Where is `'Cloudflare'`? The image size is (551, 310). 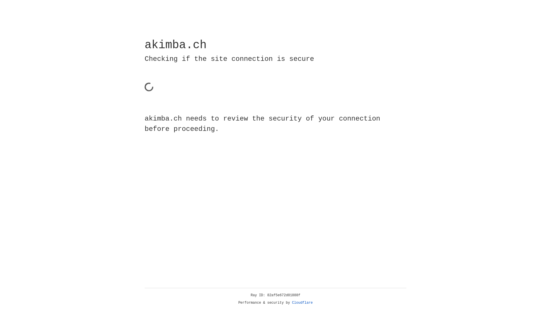 'Cloudflare' is located at coordinates (302, 303).